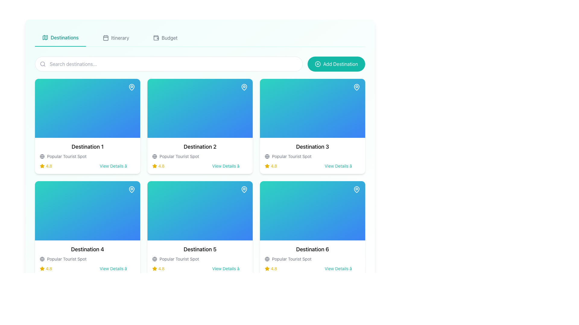 The image size is (579, 325). What do you see at coordinates (200, 249) in the screenshot?
I see `the title or heading text label located in the middle cell of the second row within the card design element for the tourist destination` at bounding box center [200, 249].